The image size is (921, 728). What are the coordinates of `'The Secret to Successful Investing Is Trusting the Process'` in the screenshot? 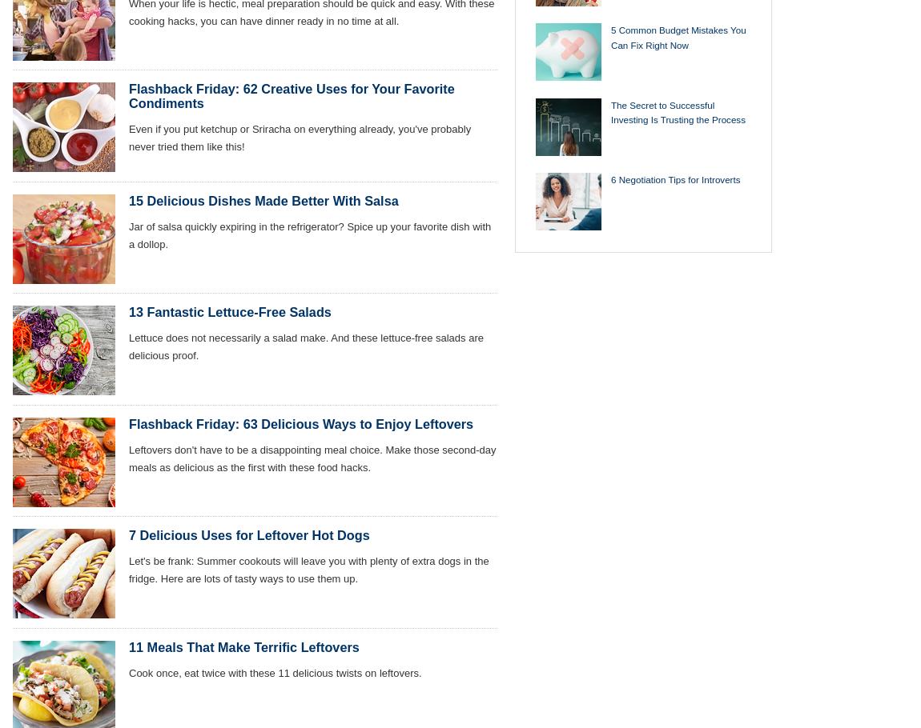 It's located at (677, 110).